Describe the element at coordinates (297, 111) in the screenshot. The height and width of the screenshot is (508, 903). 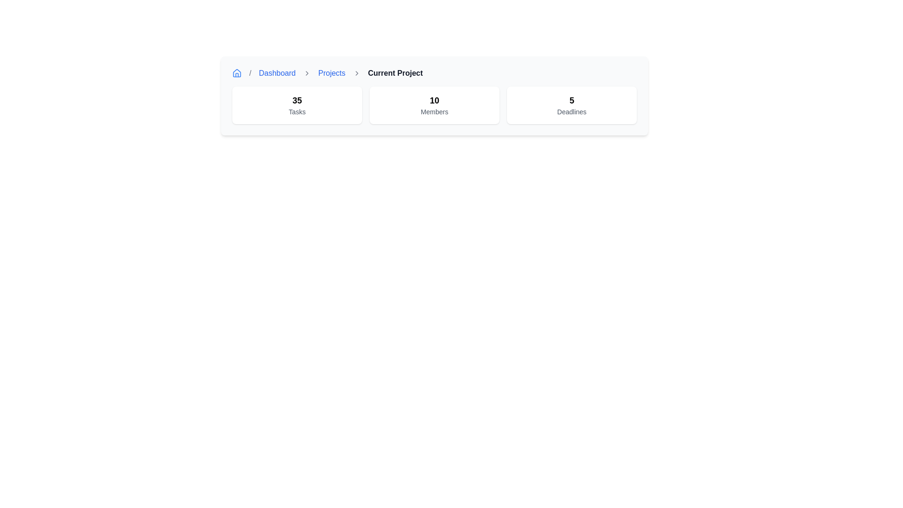
I see `the static text element labeled 'Tasks', which provides context for the numerical value '35' above it` at that location.